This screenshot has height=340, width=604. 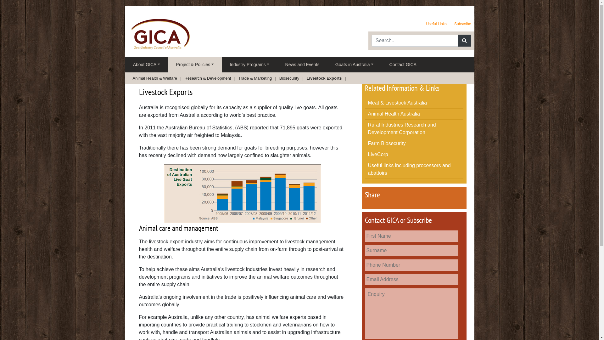 What do you see at coordinates (462, 24) in the screenshot?
I see `'Subscribe'` at bounding box center [462, 24].